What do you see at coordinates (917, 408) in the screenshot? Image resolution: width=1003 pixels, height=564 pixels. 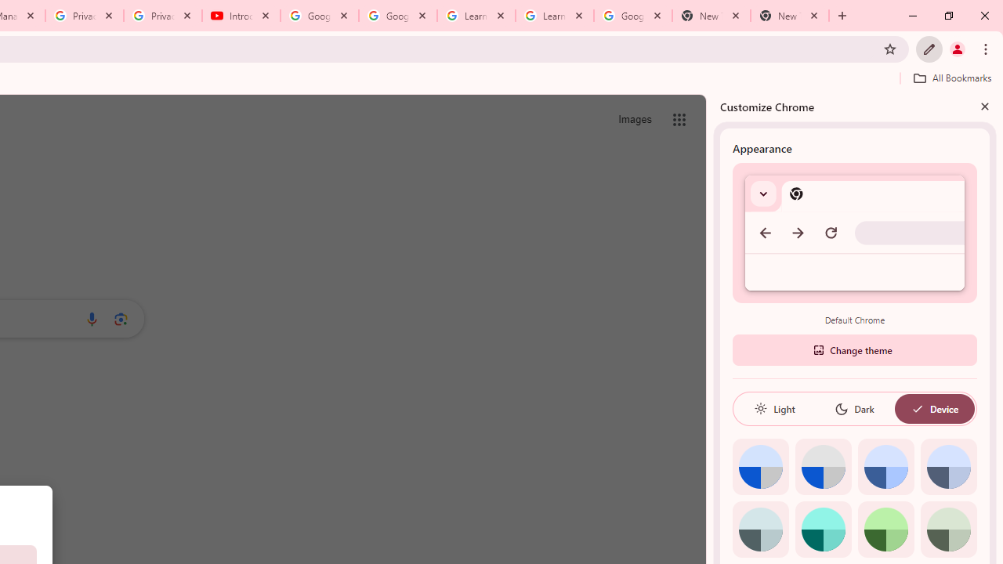 I see `'AutomationID: baseSvg'` at bounding box center [917, 408].